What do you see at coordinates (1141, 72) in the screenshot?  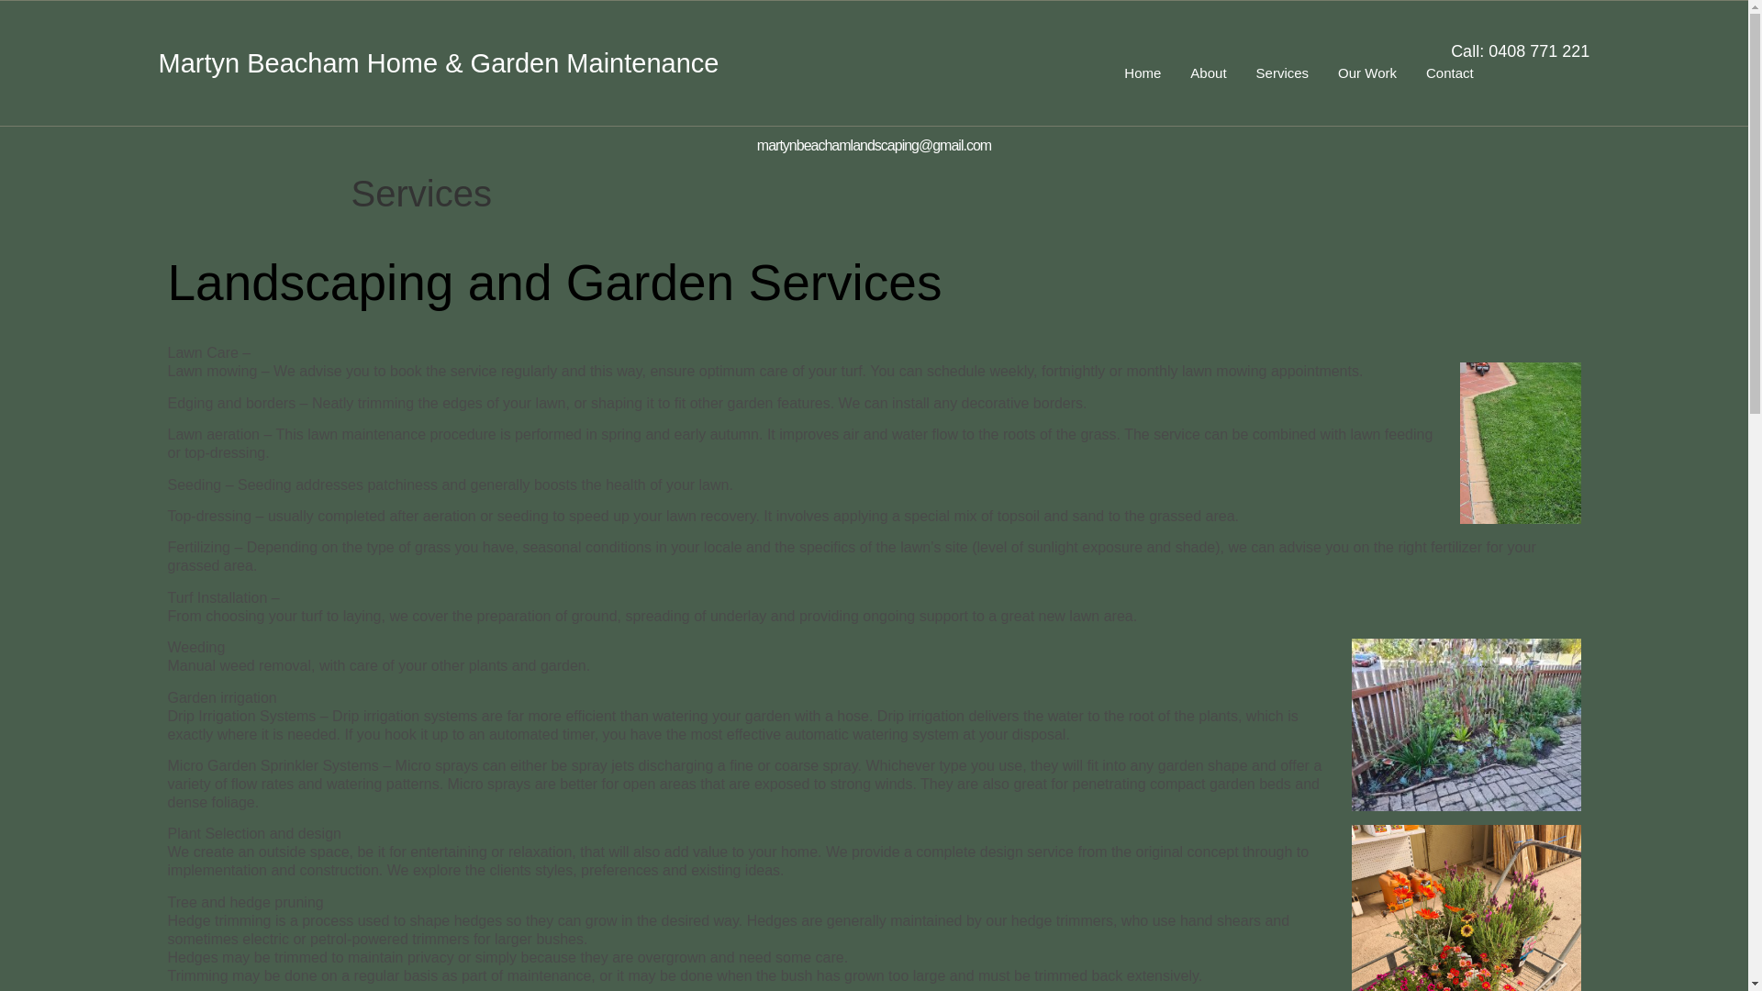 I see `'Home'` at bounding box center [1141, 72].